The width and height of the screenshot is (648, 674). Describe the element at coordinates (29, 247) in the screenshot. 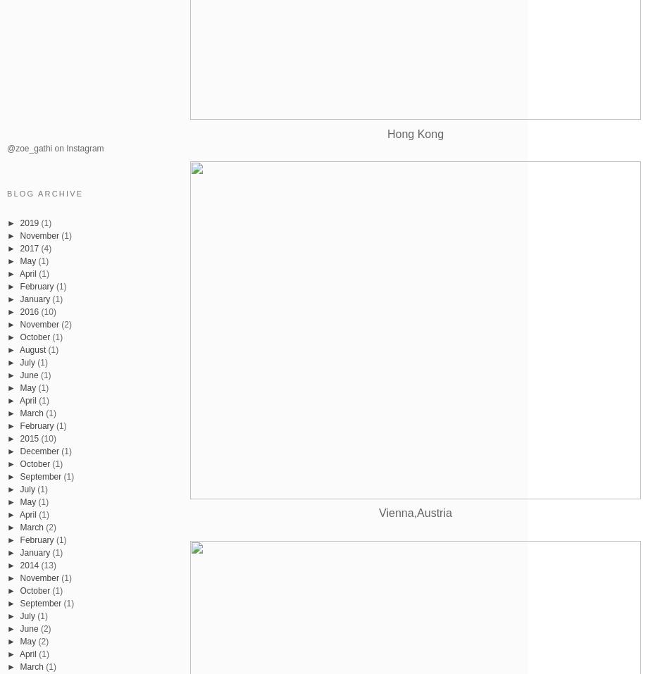

I see `'2017'` at that location.